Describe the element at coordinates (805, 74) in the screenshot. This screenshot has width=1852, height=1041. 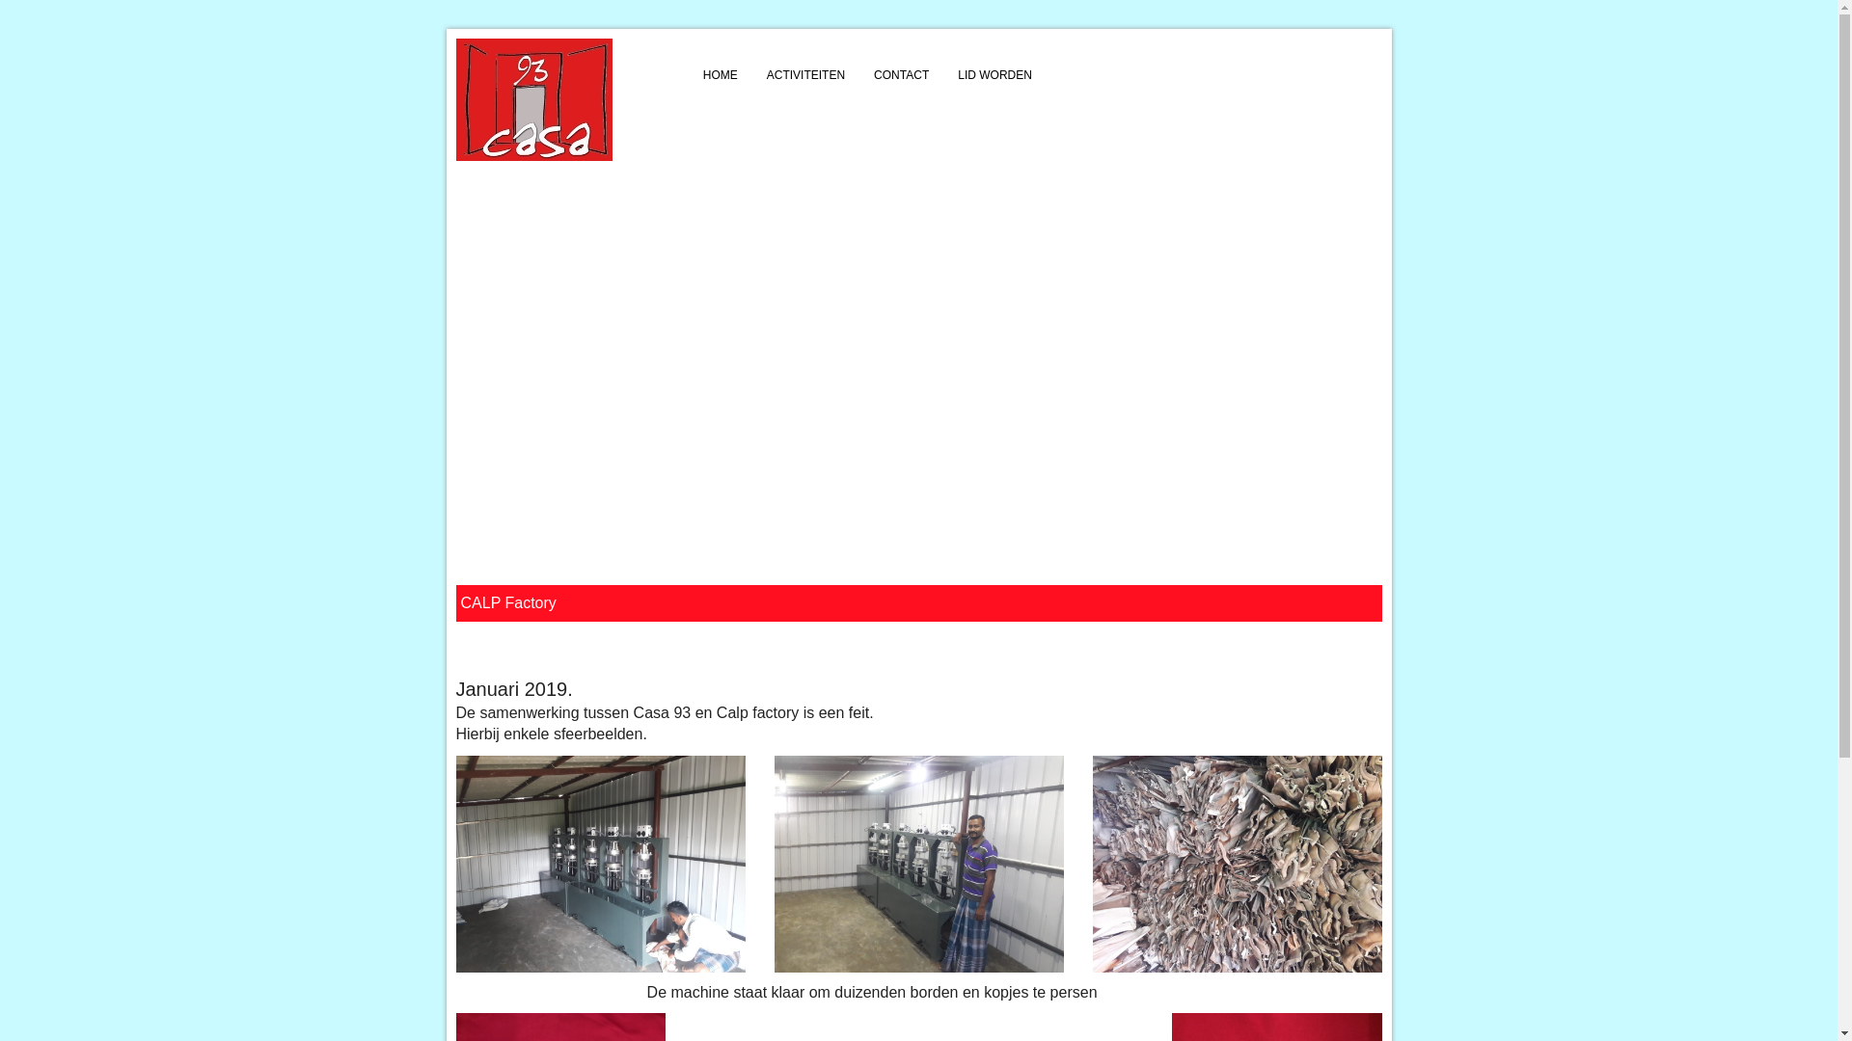
I see `'ACTIVITEITEN'` at that location.